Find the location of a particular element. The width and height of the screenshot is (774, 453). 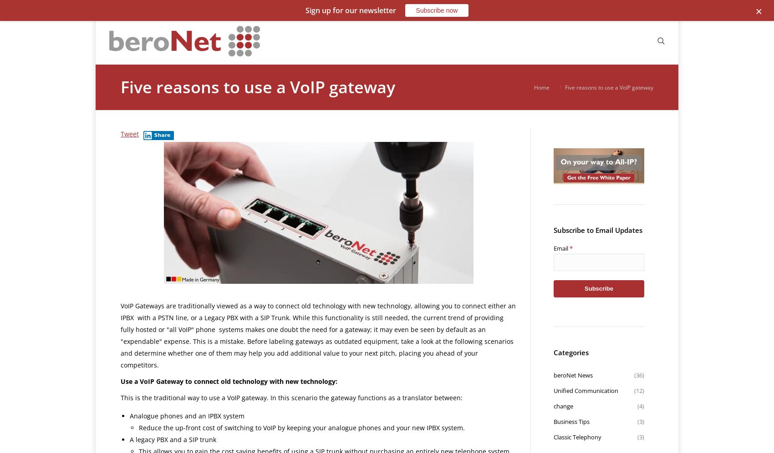

'Analogue phones and' is located at coordinates (163, 416).